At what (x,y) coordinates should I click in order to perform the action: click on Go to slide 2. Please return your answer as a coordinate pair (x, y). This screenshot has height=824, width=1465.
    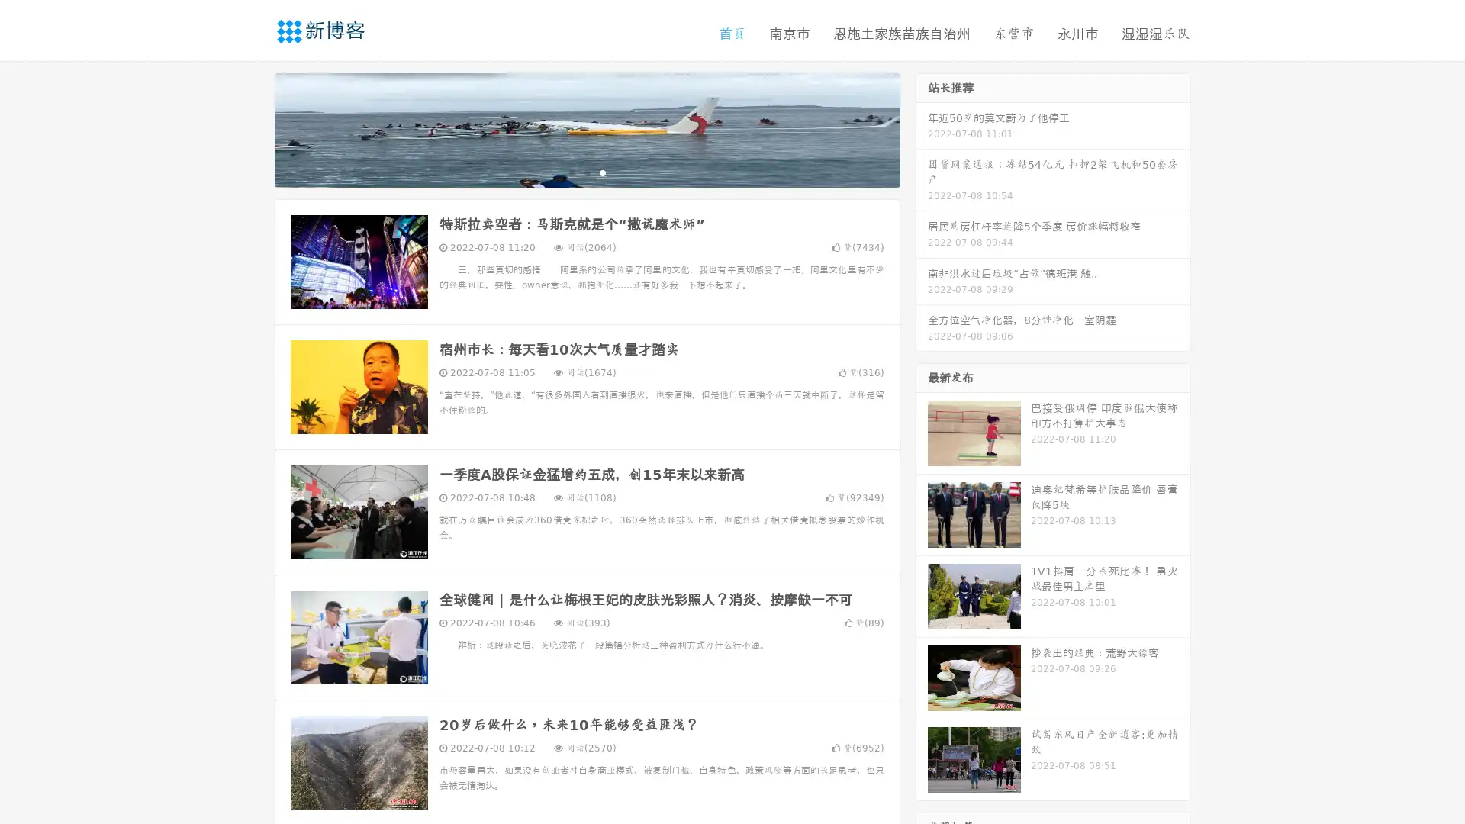
    Looking at the image, I should click on (586, 172).